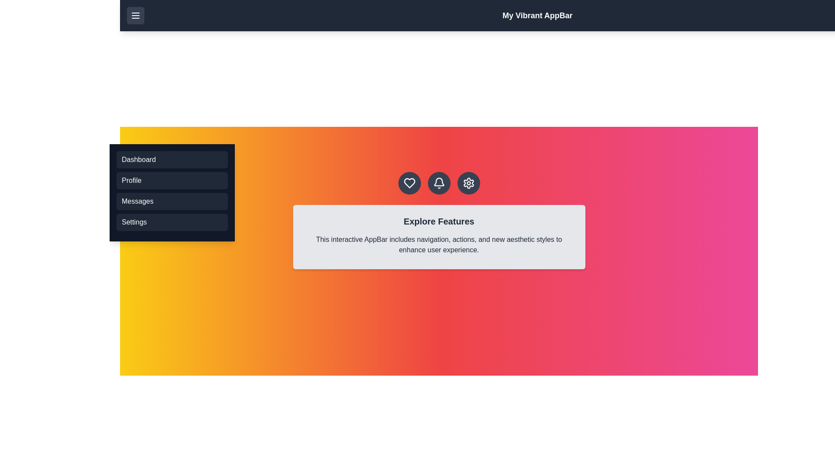 The image size is (835, 469). I want to click on the heart icon in the action bar, so click(409, 182).